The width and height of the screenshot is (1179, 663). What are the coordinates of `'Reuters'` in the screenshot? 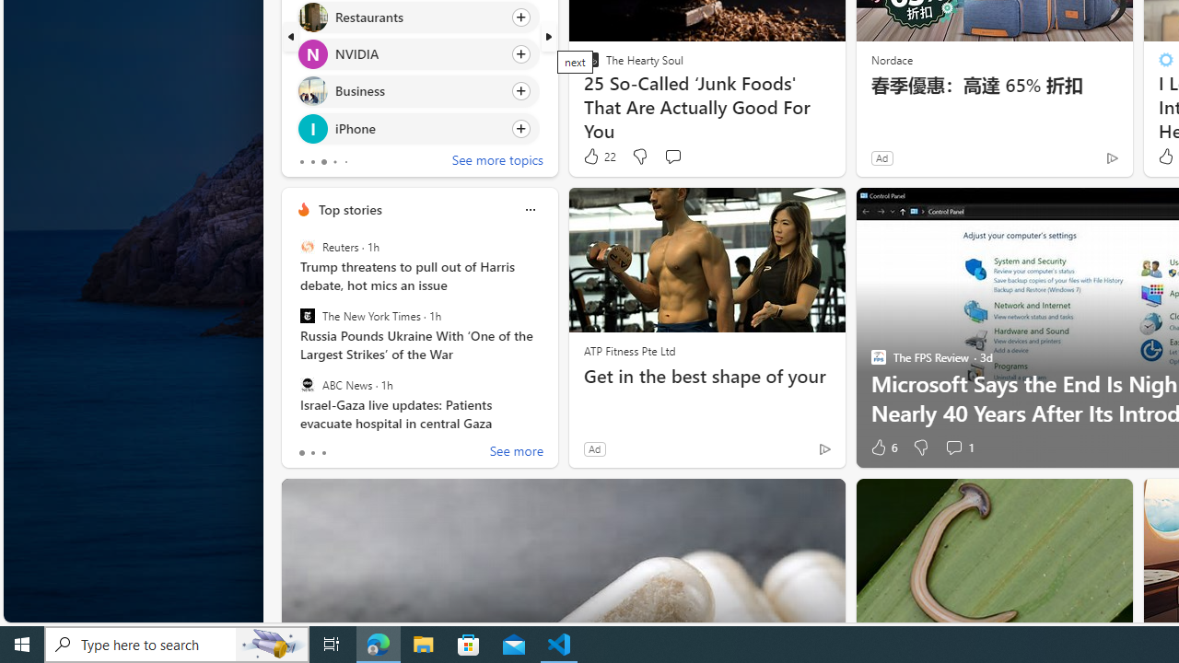 It's located at (307, 246).